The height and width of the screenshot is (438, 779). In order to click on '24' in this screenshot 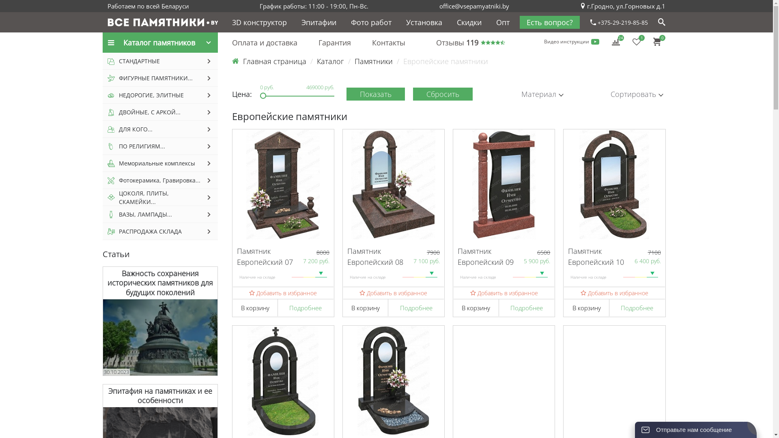, I will do `click(615, 41)`.